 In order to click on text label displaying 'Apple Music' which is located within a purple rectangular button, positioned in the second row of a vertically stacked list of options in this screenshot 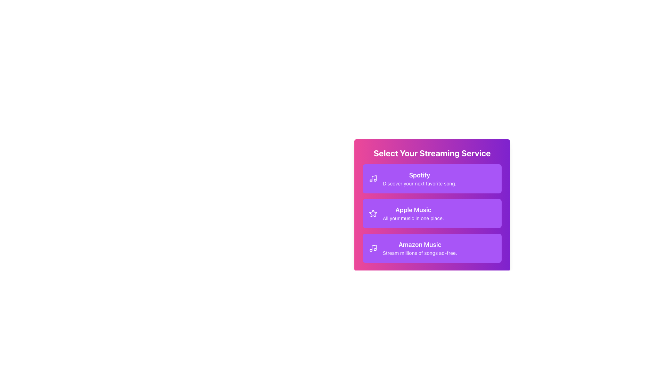, I will do `click(413, 210)`.